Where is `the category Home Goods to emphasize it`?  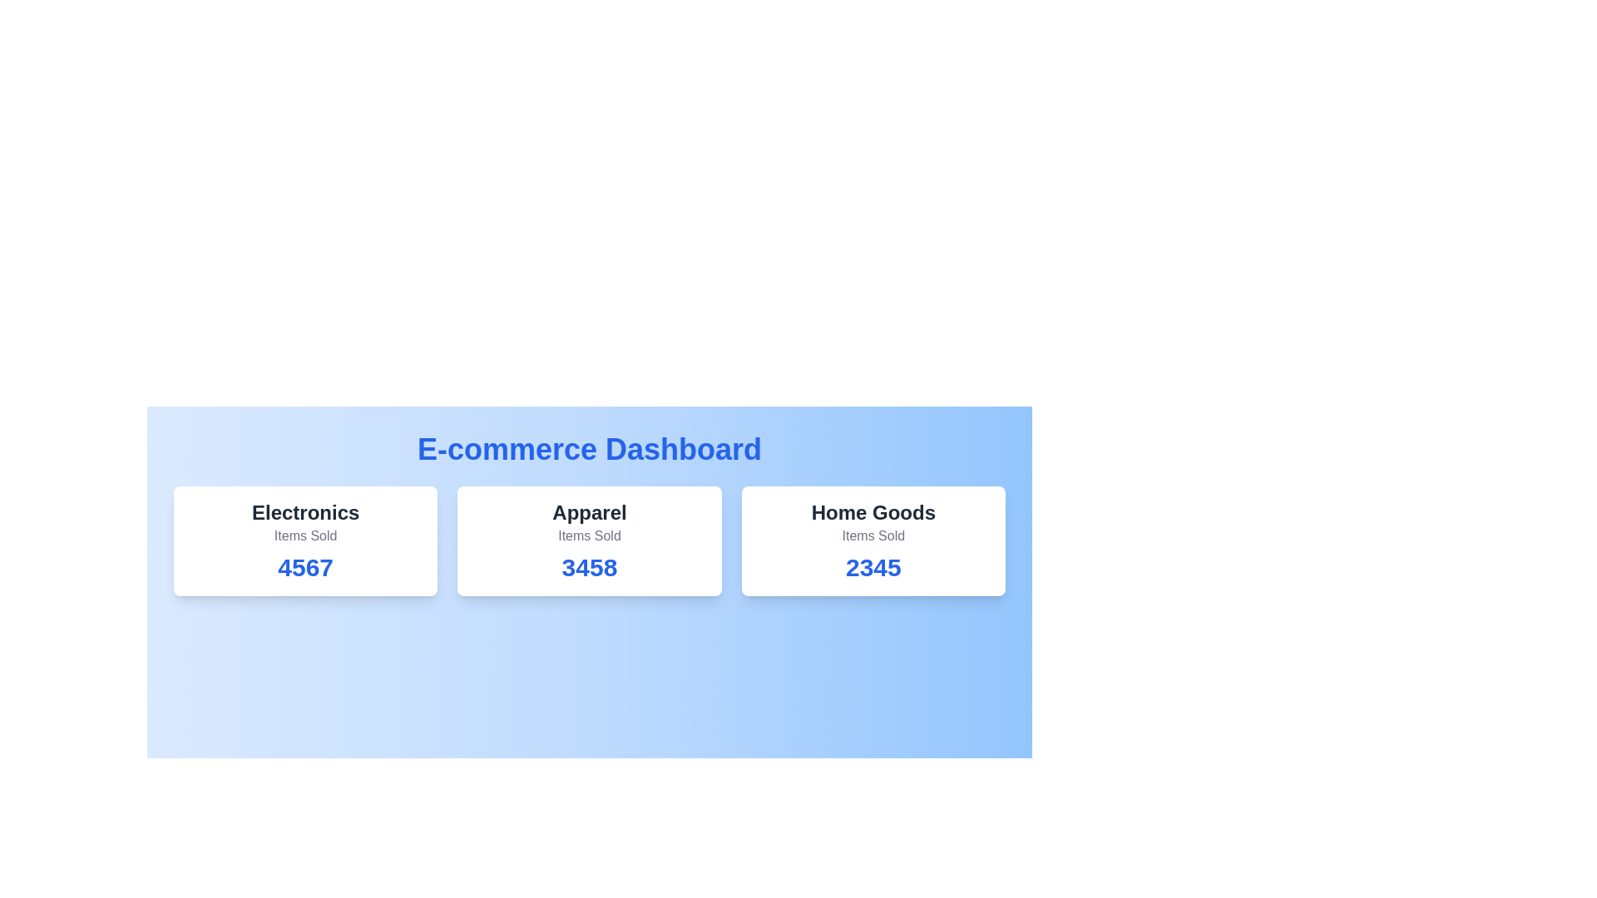
the category Home Goods to emphasize it is located at coordinates (873, 512).